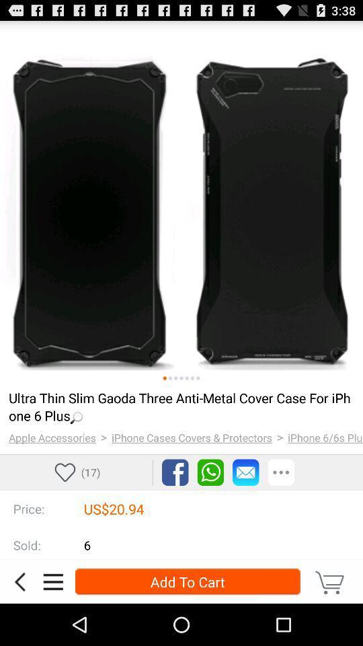 Image resolution: width=363 pixels, height=646 pixels. What do you see at coordinates (197, 378) in the screenshot?
I see `the last picture in the series` at bounding box center [197, 378].